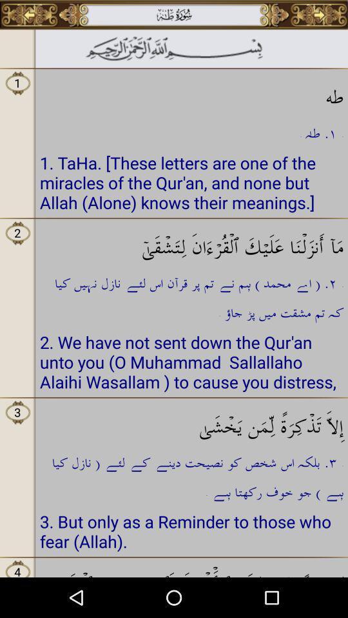 The width and height of the screenshot is (348, 618). What do you see at coordinates (29, 14) in the screenshot?
I see `go back` at bounding box center [29, 14].